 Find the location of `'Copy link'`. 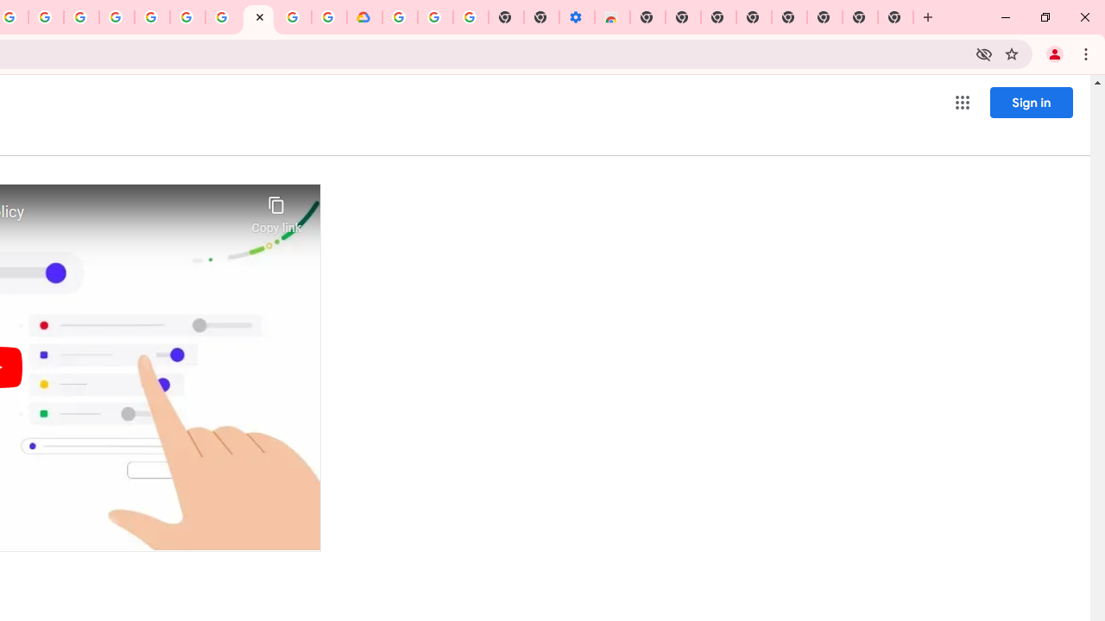

'Copy link' is located at coordinates (276, 210).